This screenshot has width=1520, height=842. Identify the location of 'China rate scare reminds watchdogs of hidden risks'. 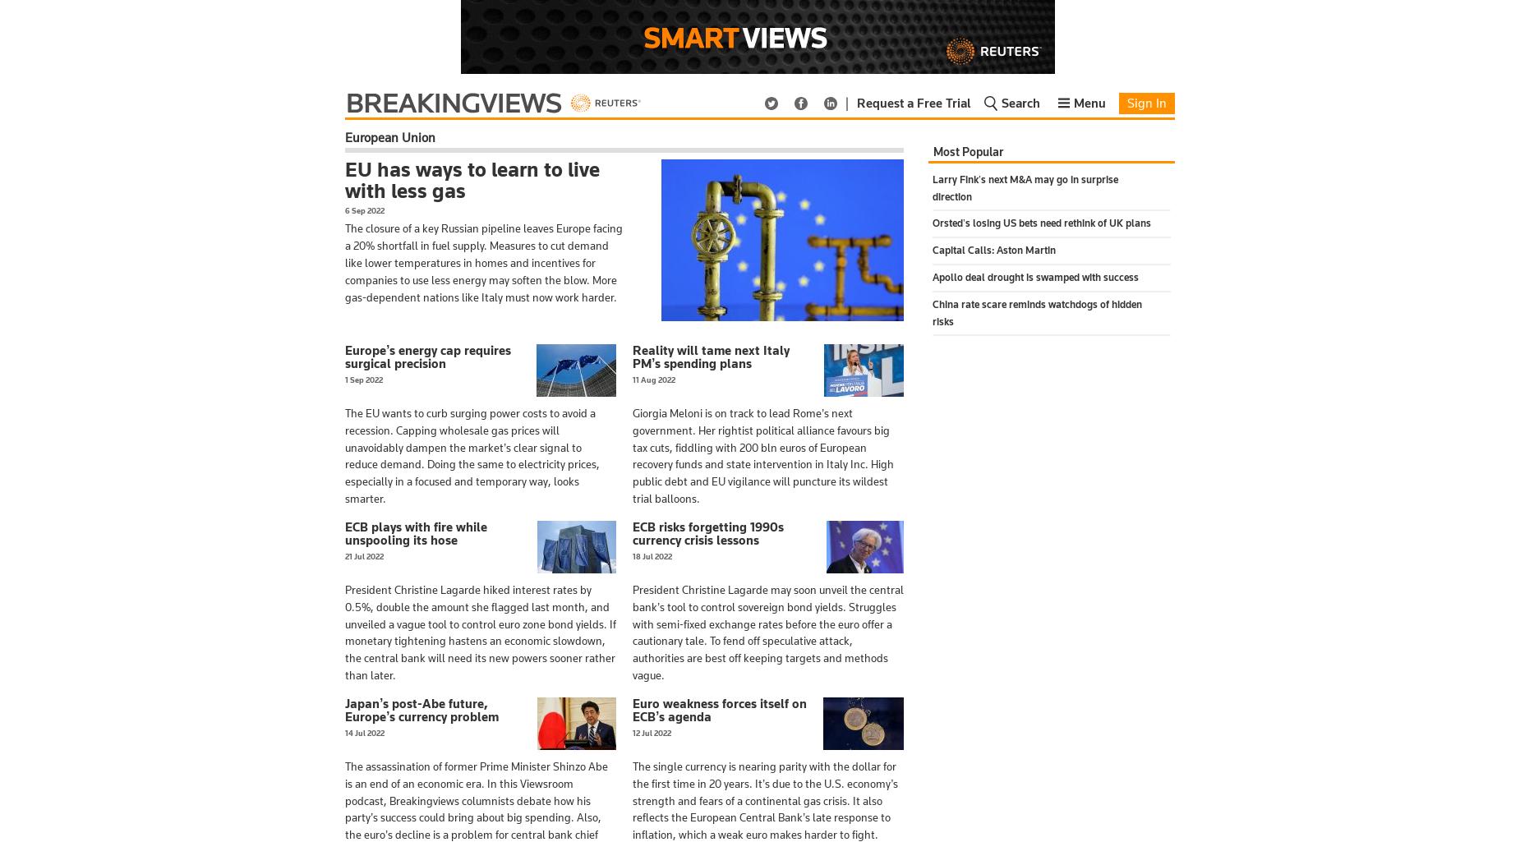
(1036, 311).